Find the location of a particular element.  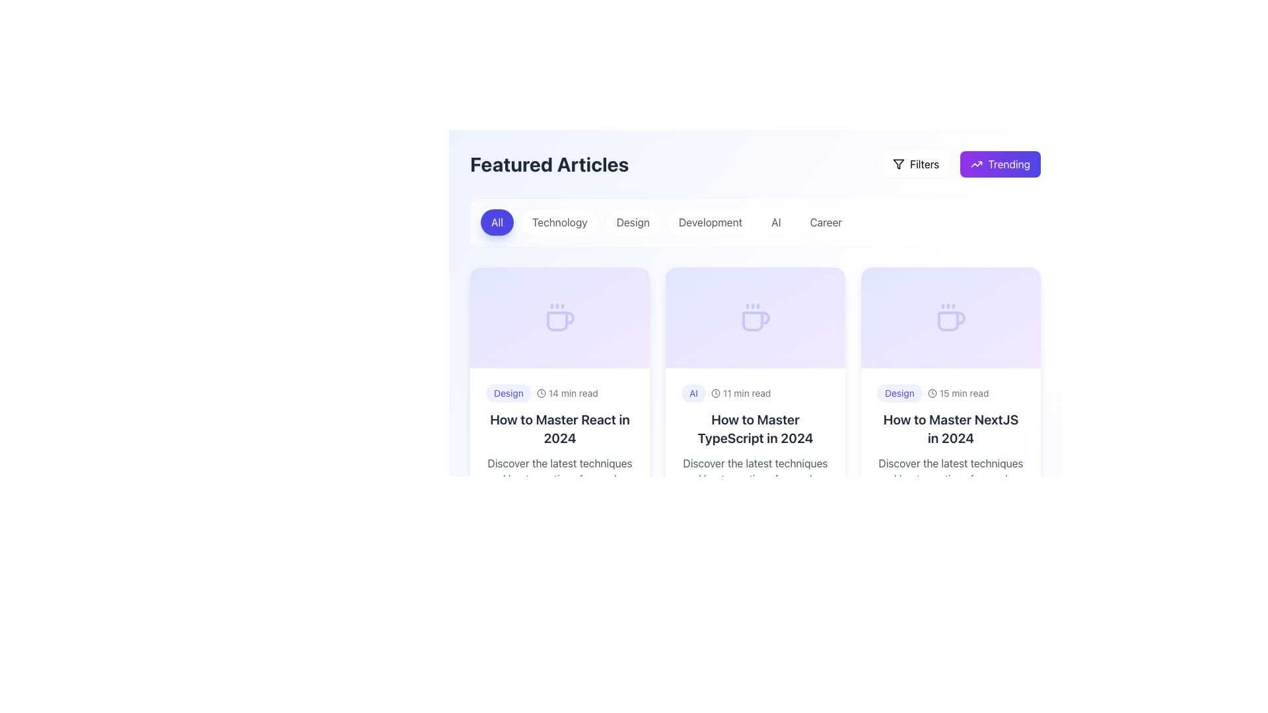

the button in the category selector located under the 'Featured Articles' section is located at coordinates (755, 221).